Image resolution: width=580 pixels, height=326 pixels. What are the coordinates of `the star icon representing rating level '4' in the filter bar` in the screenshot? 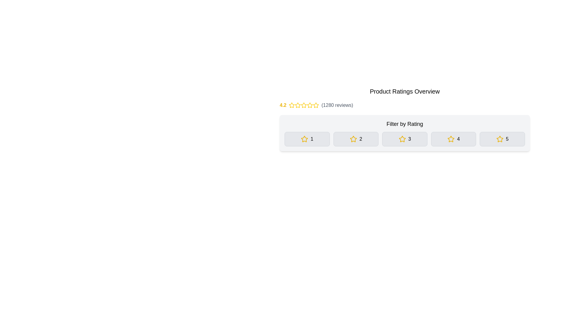 It's located at (451, 139).